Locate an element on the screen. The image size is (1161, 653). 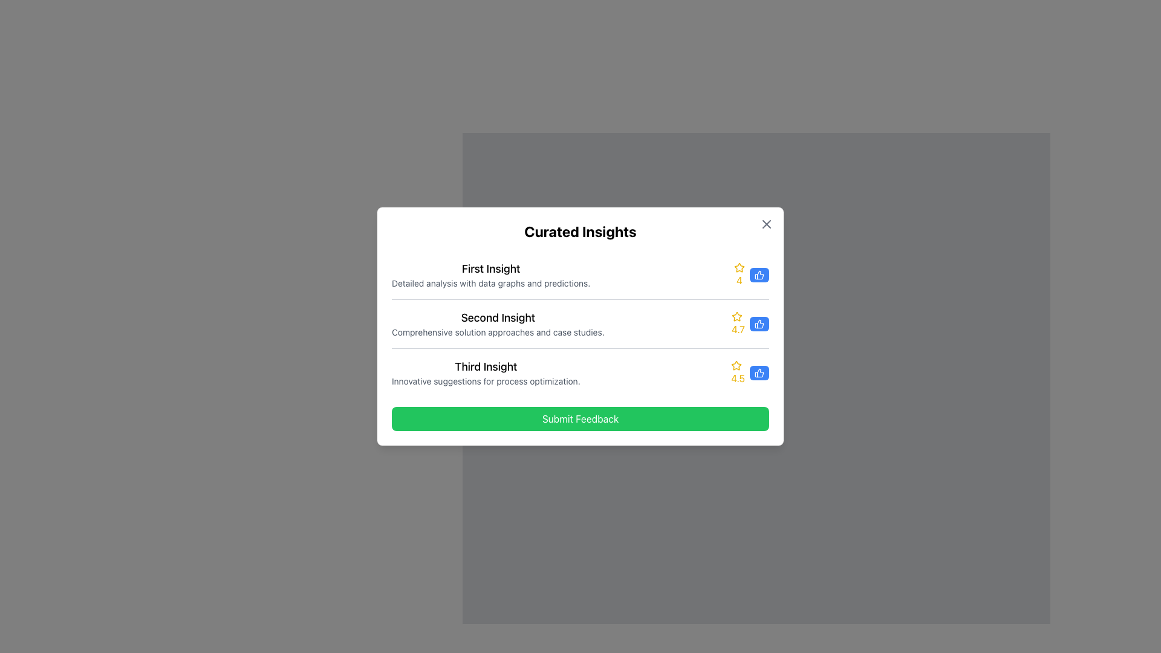
the Interactive Rating Component located to the right of the title 'Second Insight', which features a thumbs-up icon and is the second rating in the list of insights is located at coordinates (749, 323).